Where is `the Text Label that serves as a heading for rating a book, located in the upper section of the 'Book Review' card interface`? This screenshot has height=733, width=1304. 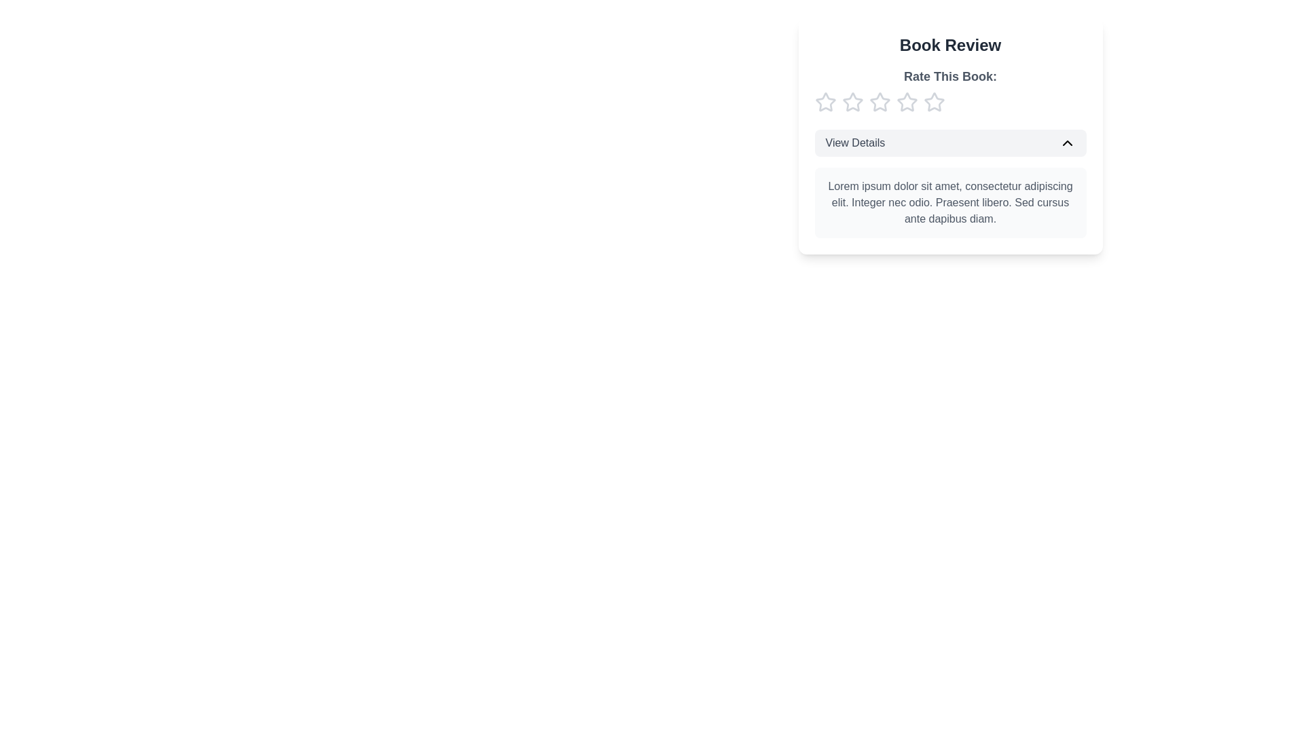
the Text Label that serves as a heading for rating a book, located in the upper section of the 'Book Review' card interface is located at coordinates (949, 76).